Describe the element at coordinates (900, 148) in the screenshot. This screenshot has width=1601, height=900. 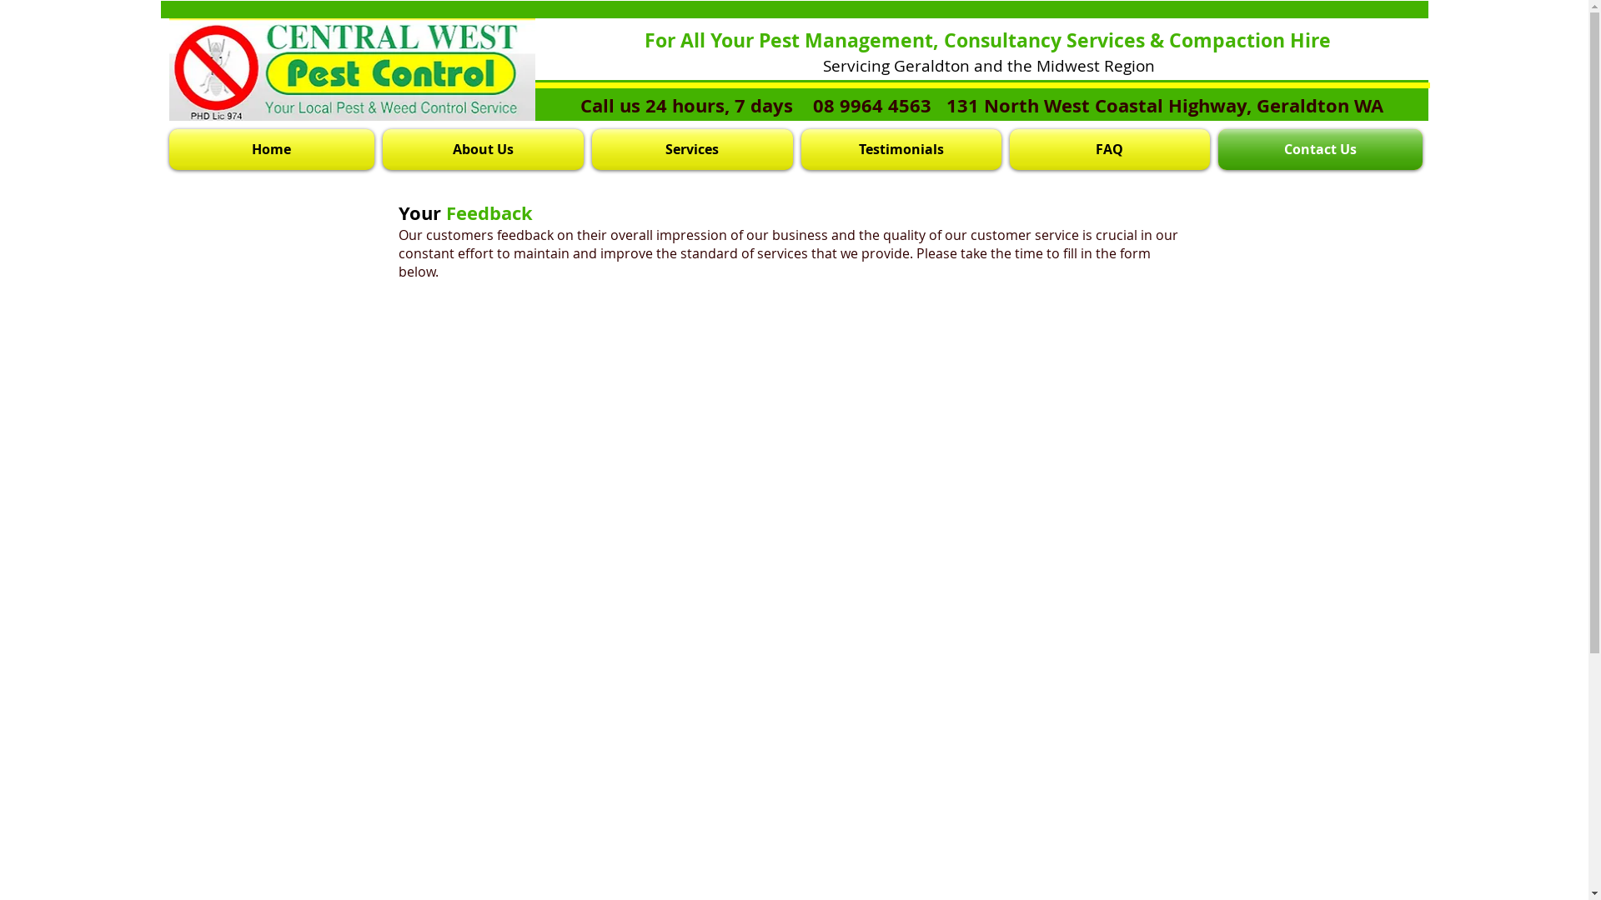
I see `'Testimonials'` at that location.